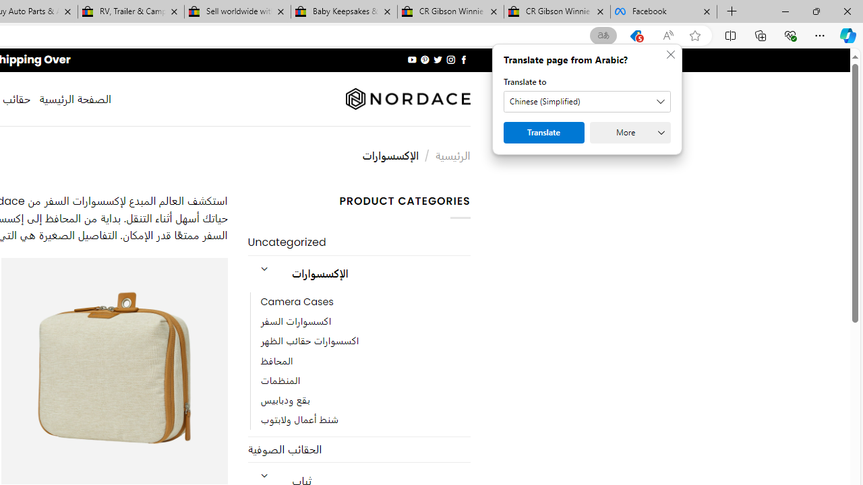  Describe the element at coordinates (450, 59) in the screenshot. I see `'Follow on Instagram'` at that location.